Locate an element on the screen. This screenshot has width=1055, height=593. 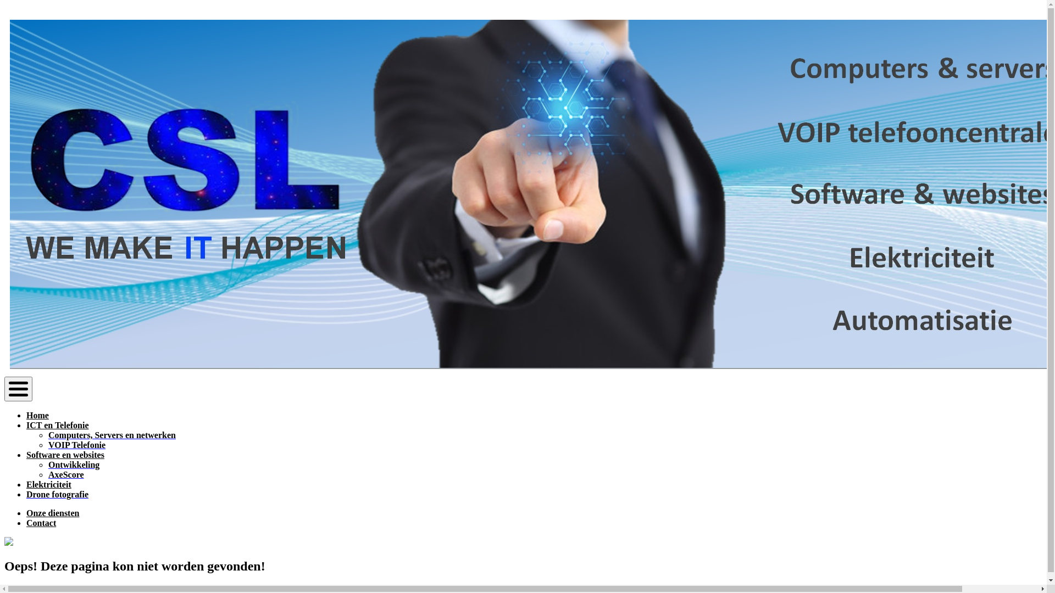
'Contact' is located at coordinates (41, 522).